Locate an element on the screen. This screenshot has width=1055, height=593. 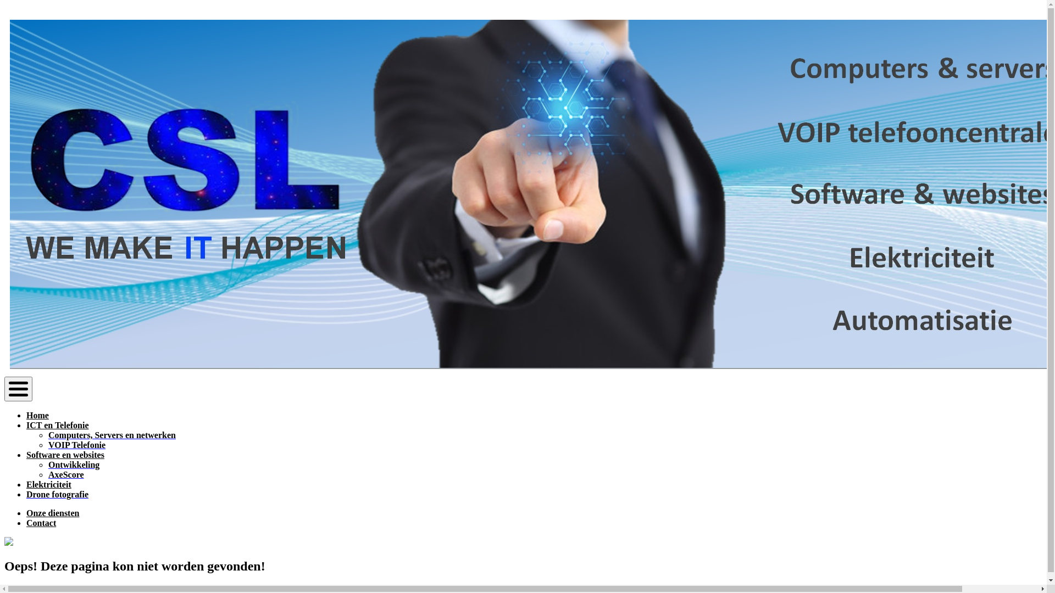
'Contact' is located at coordinates (41, 522).